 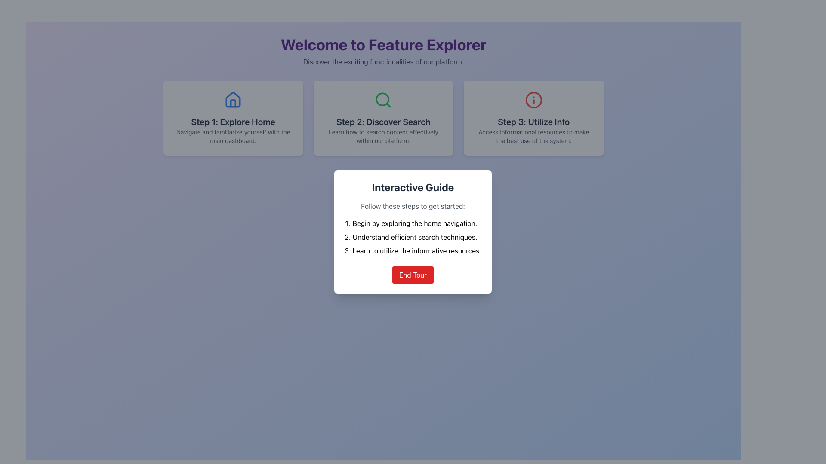 What do you see at coordinates (383, 118) in the screenshot?
I see `the Informational card that introduces users to search functionalities within the platform` at bounding box center [383, 118].